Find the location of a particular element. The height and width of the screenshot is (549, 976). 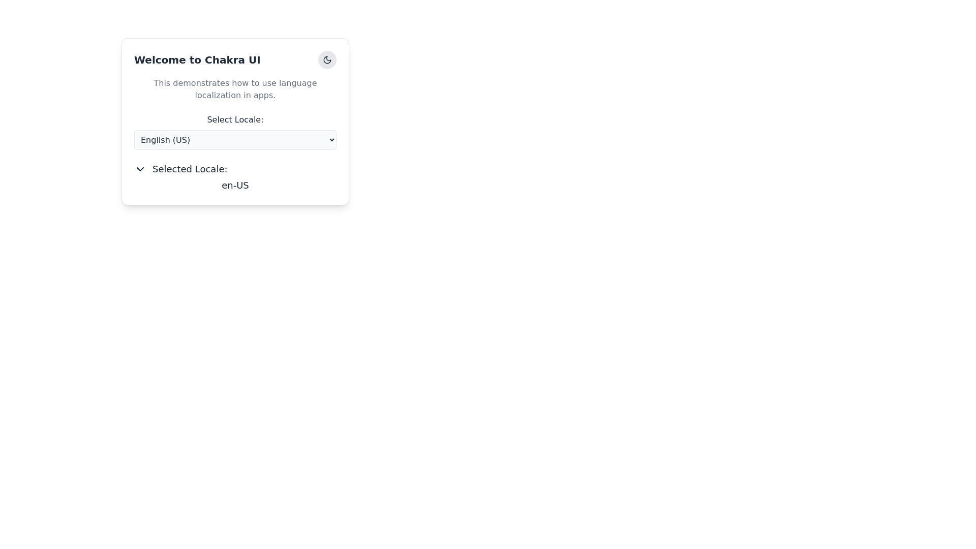

the dropdown menu labeled 'Select Locale:' is located at coordinates (234, 131).